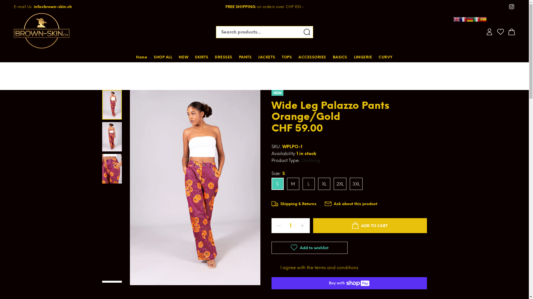 This screenshot has width=533, height=299. I want to click on 'BASICS', so click(340, 57).